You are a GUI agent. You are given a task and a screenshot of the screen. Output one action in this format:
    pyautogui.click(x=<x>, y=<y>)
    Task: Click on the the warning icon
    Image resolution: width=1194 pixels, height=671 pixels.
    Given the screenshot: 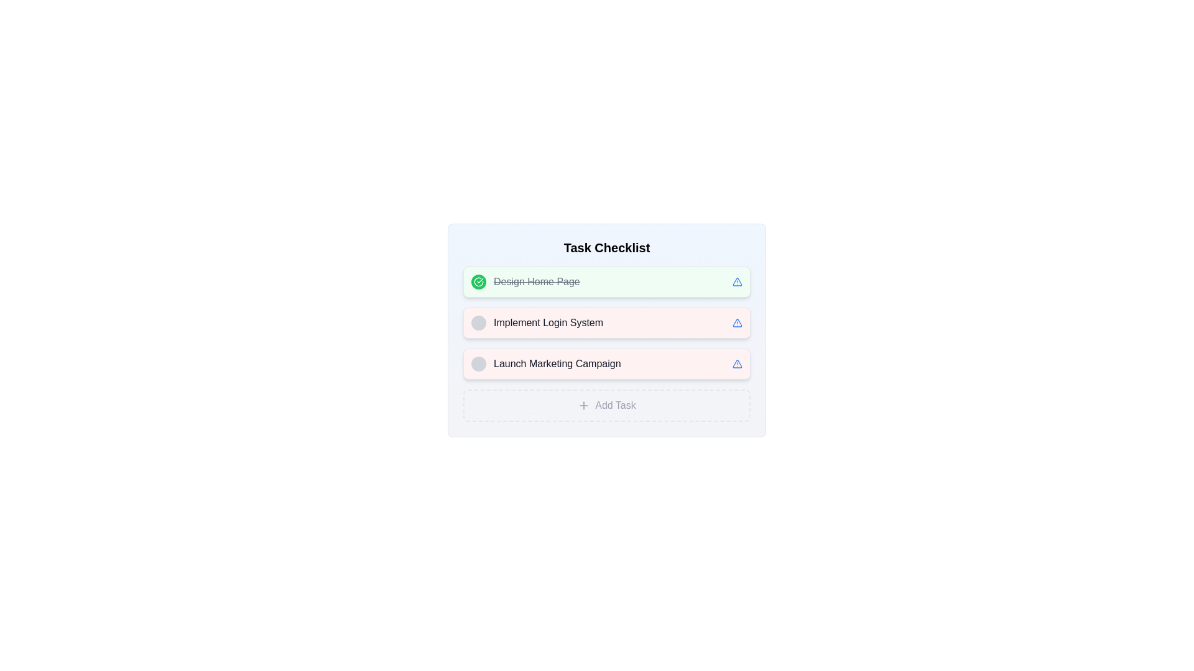 What is the action you would take?
    pyautogui.click(x=737, y=322)
    